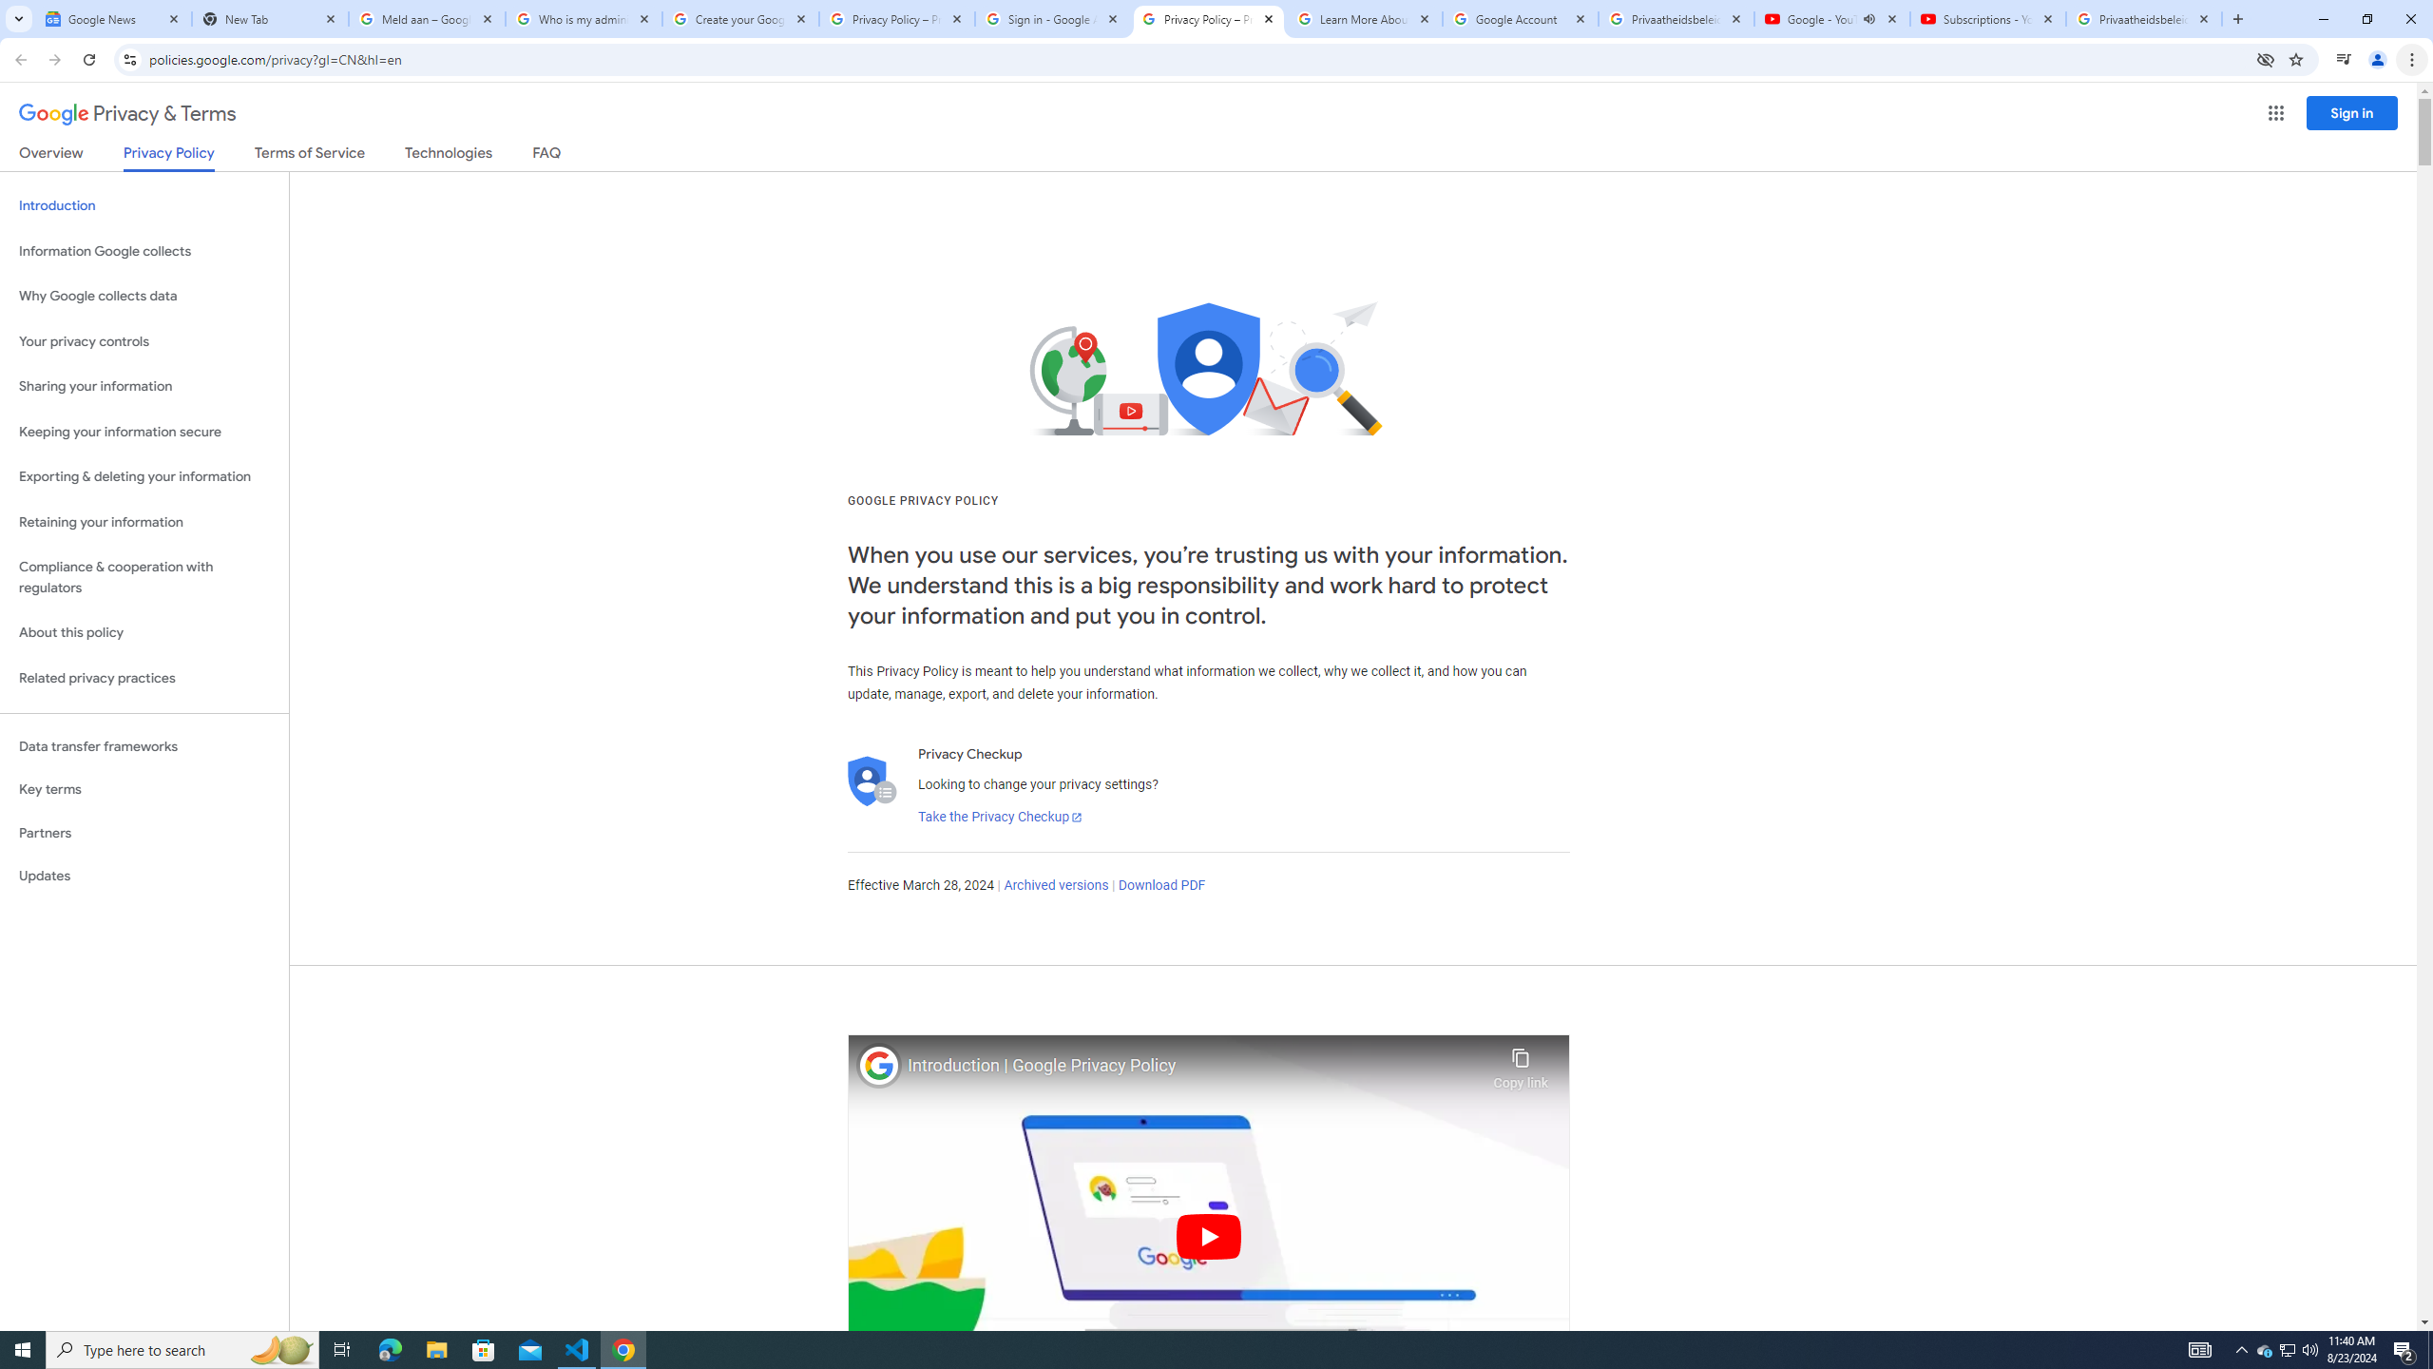 This screenshot has height=1369, width=2433. I want to click on 'Retaining your information', so click(144, 522).